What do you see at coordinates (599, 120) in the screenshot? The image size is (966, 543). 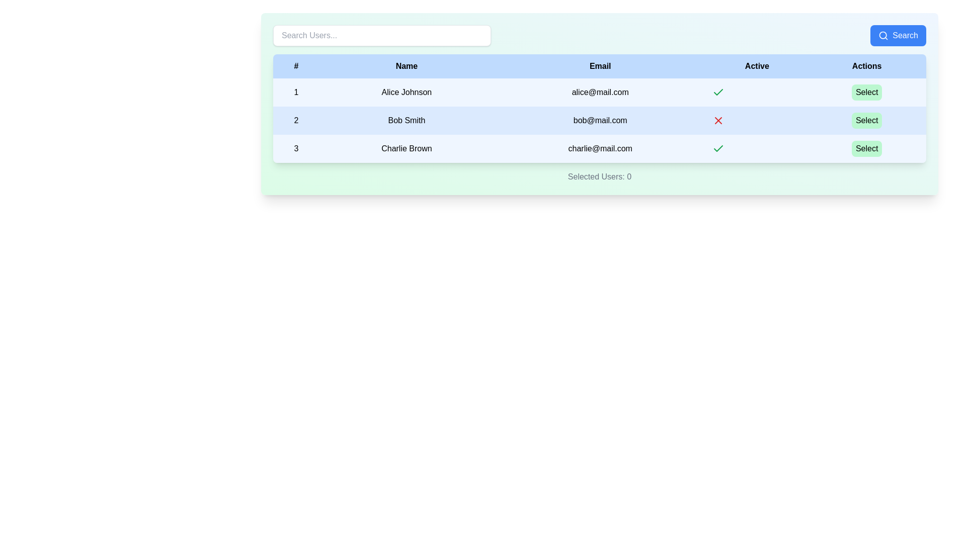 I see `the second row in the table, which contains the data '2', 'Bob Smith', 'bob@mail.com', and an interactive green 'Select' button` at bounding box center [599, 120].